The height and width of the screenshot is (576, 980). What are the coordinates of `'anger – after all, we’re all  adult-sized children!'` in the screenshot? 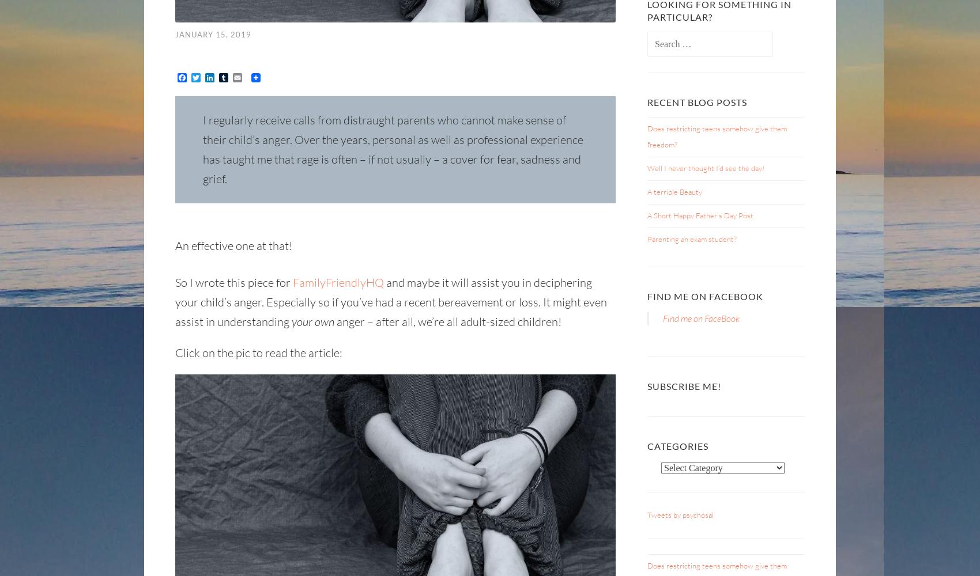 It's located at (447, 321).